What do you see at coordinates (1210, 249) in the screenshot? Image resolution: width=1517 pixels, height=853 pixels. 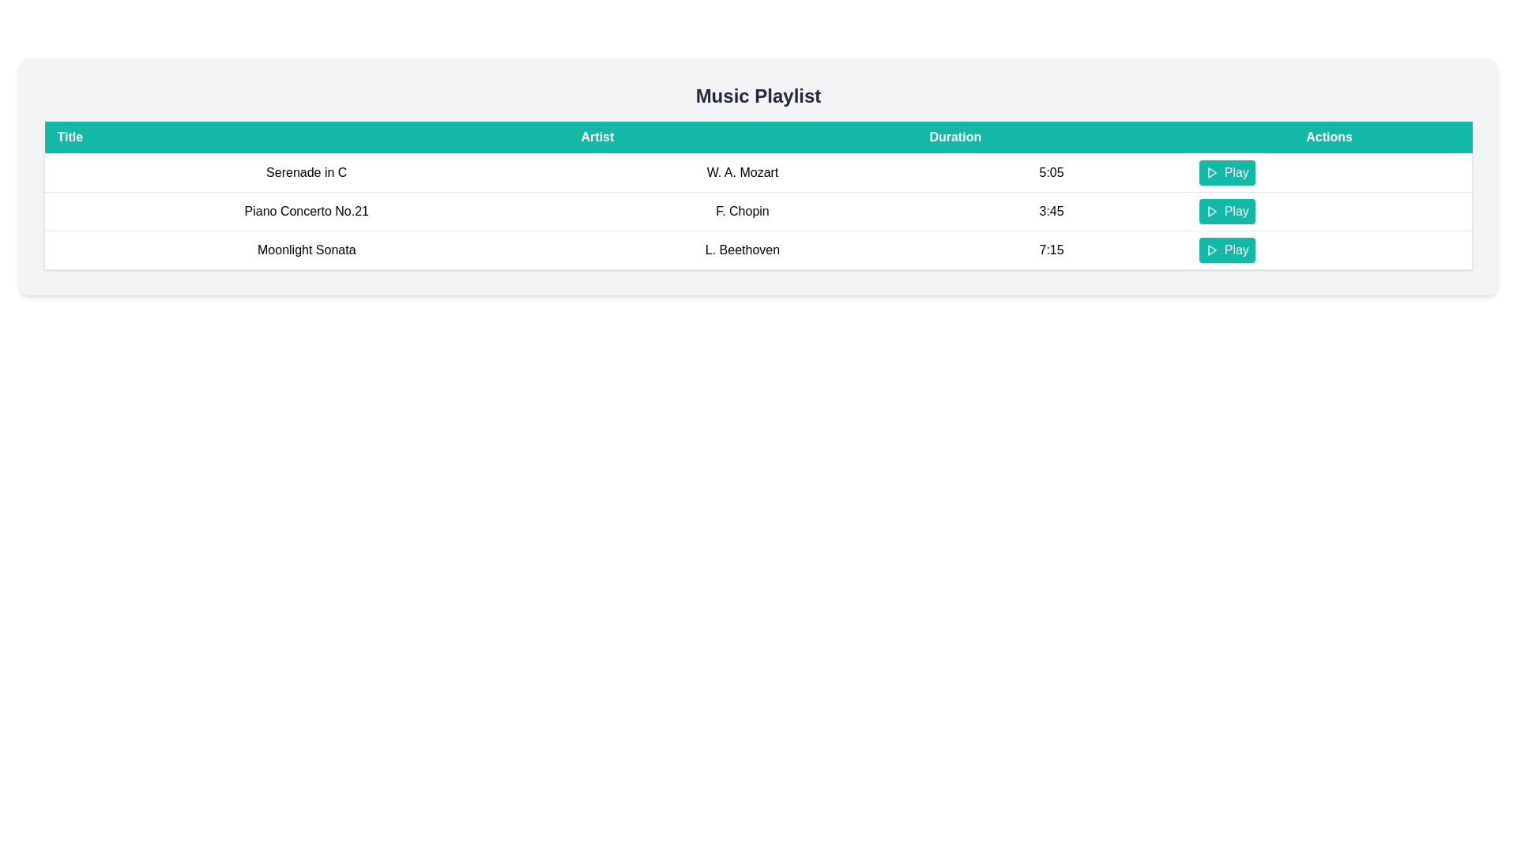 I see `the play button with a triangular SVG icon for 'Moonlight Sonata' by L. Beethoven` at bounding box center [1210, 249].